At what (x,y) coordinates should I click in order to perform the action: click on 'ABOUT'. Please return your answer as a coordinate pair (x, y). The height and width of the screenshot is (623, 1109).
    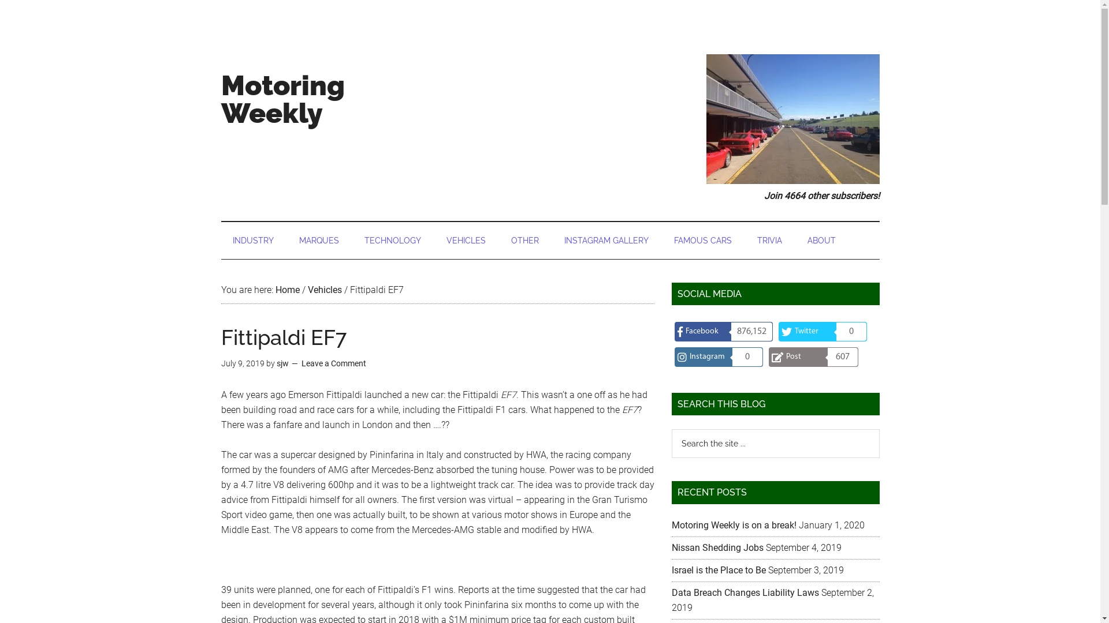
    Looking at the image, I should click on (795, 239).